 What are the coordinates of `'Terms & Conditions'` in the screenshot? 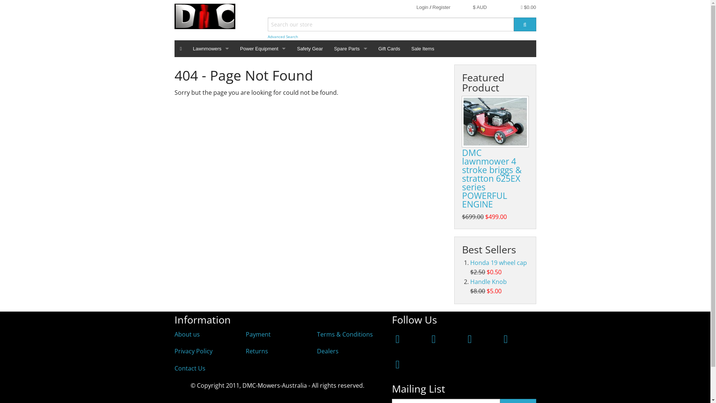 It's located at (345, 334).